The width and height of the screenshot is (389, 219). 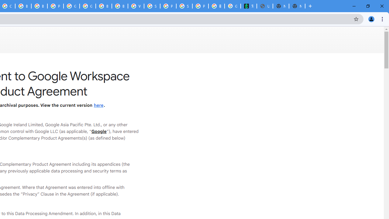 I want to click on 'New Tab', so click(x=297, y=6).